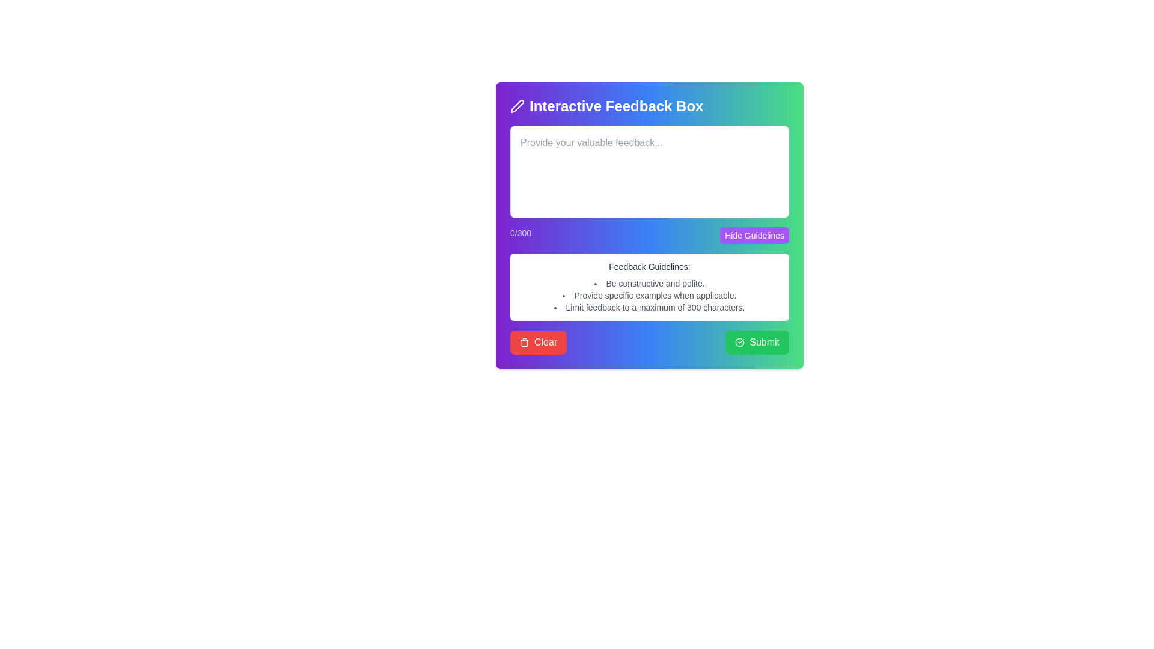  Describe the element at coordinates (649, 283) in the screenshot. I see `the text label 'Be constructive and polite.'` at that location.